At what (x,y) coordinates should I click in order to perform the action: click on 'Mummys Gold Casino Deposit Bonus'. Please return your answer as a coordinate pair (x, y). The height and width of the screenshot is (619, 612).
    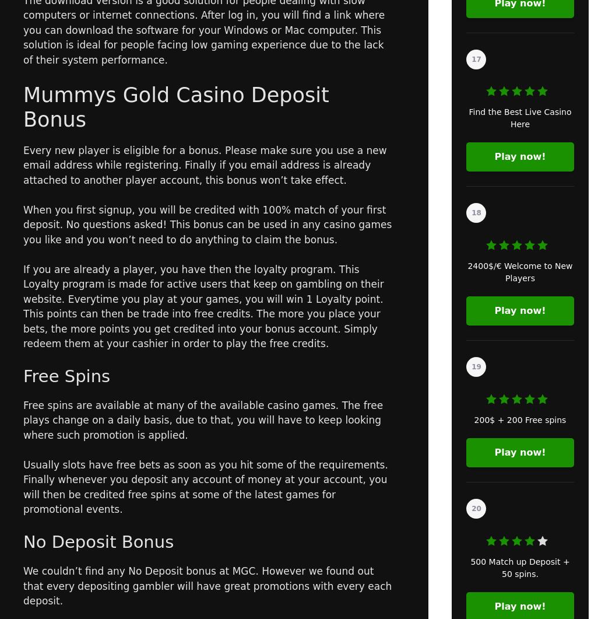
    Looking at the image, I should click on (175, 106).